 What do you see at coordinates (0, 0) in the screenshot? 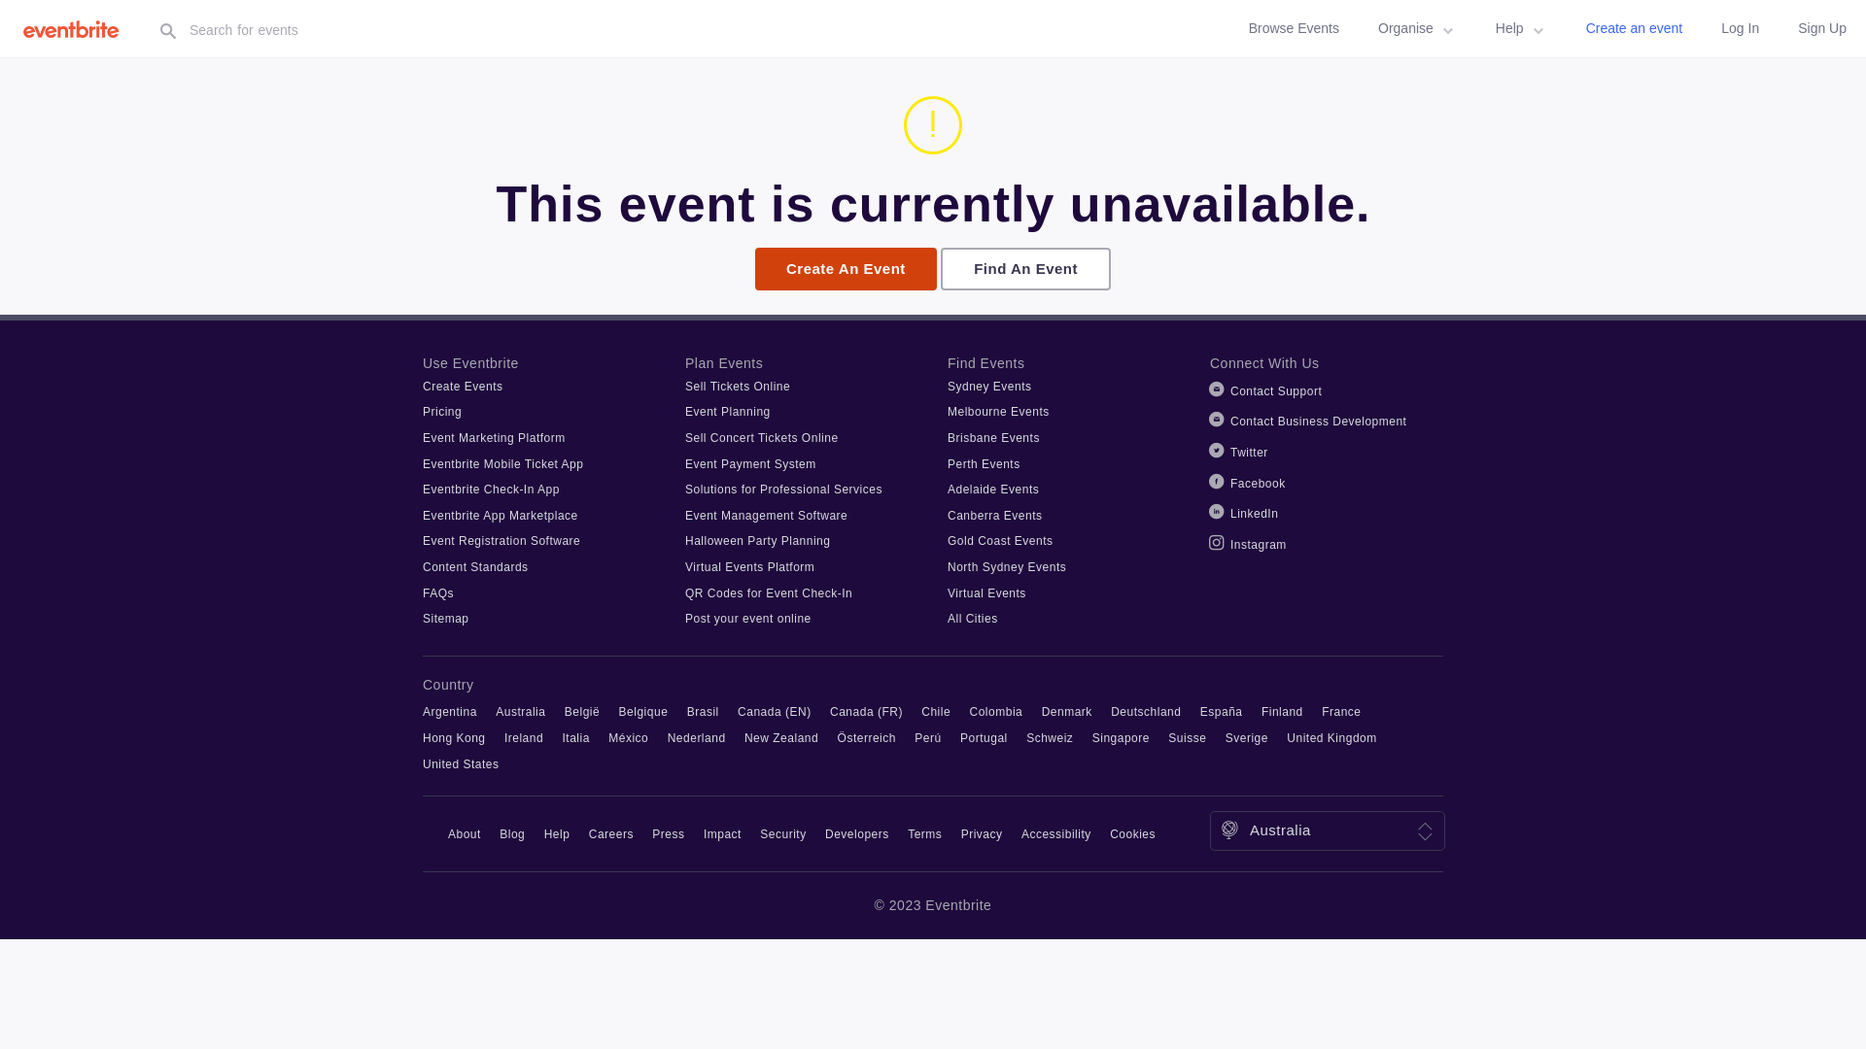
I see `'Skip Main Navigation'` at bounding box center [0, 0].